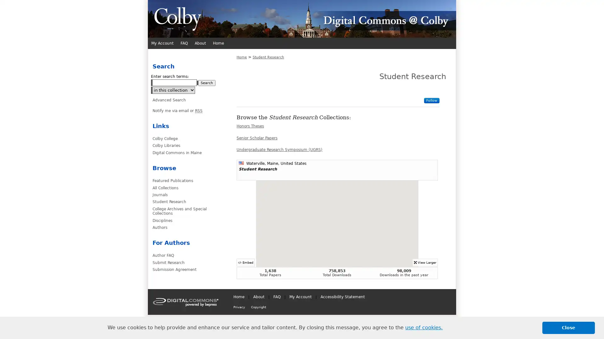 This screenshot has width=604, height=339. I want to click on Search, so click(207, 83).